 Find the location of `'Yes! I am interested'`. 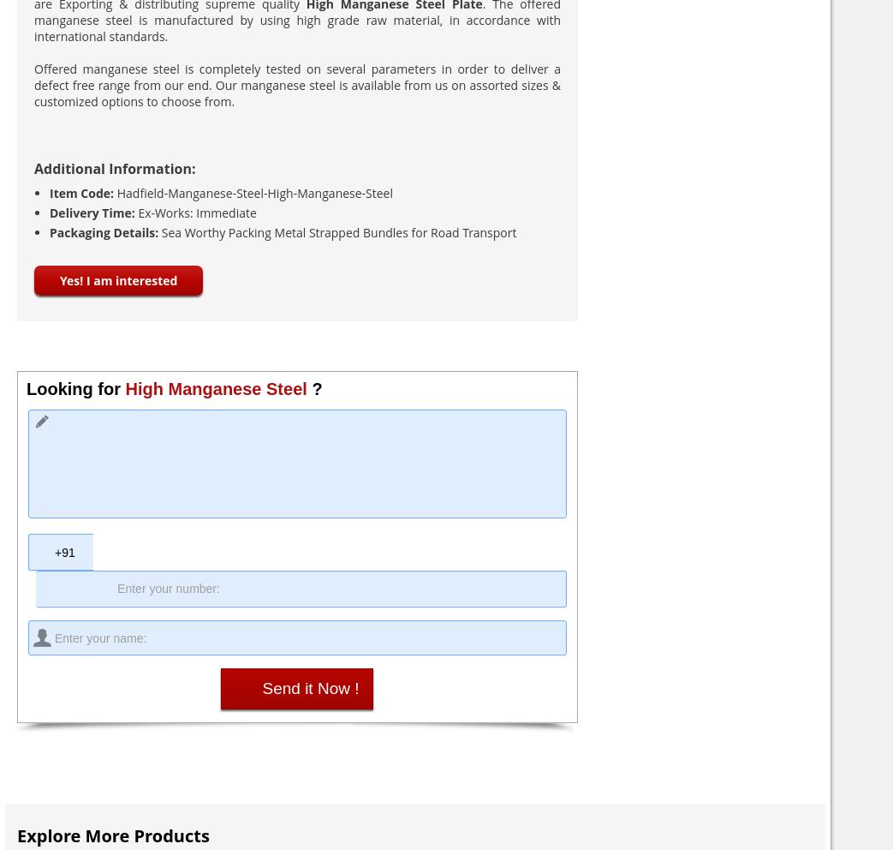

'Yes! I am interested' is located at coordinates (118, 280).